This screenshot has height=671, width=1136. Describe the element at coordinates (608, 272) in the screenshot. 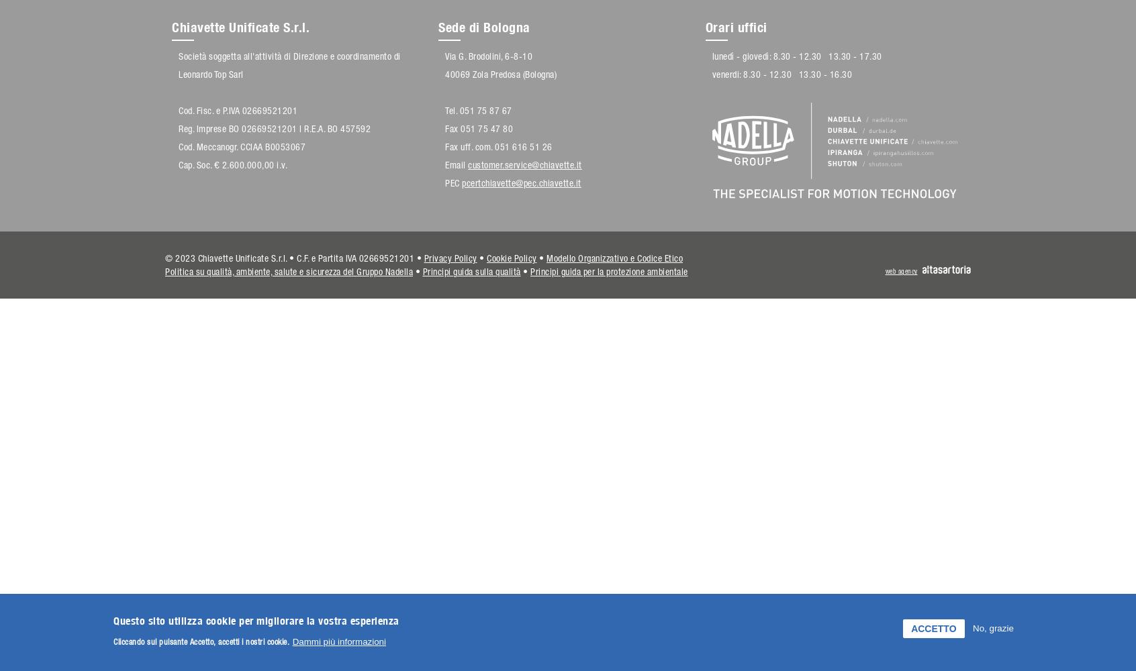

I see `'Principi guida per la protezione ambientale'` at that location.